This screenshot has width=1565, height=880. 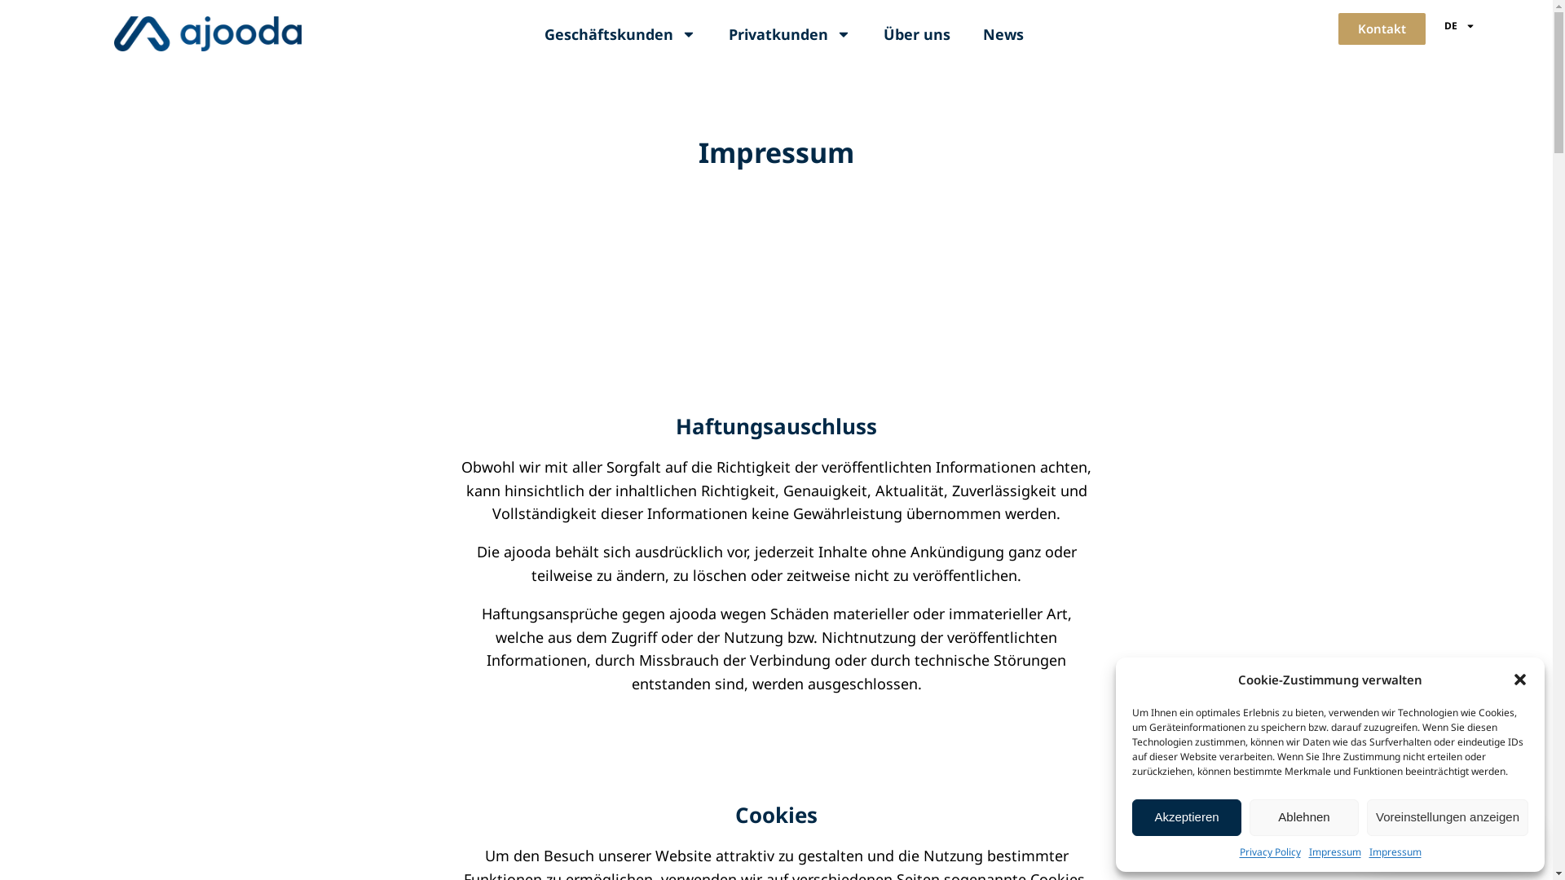 What do you see at coordinates (1381, 29) in the screenshot?
I see `'Kontakt'` at bounding box center [1381, 29].